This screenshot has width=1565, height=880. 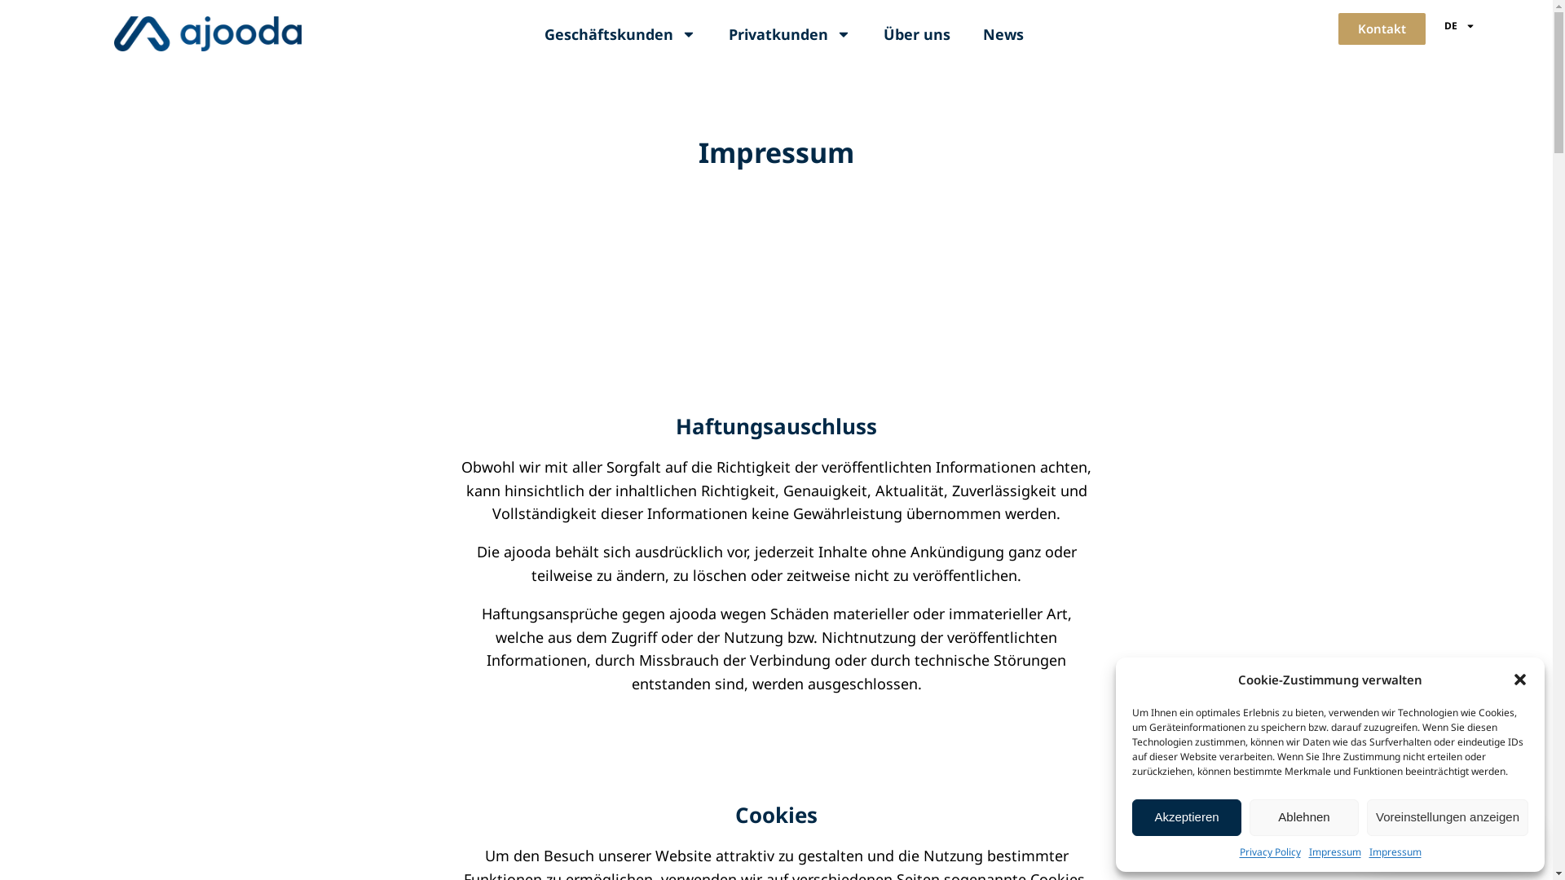 What do you see at coordinates (1381, 29) in the screenshot?
I see `'Kontakt'` at bounding box center [1381, 29].